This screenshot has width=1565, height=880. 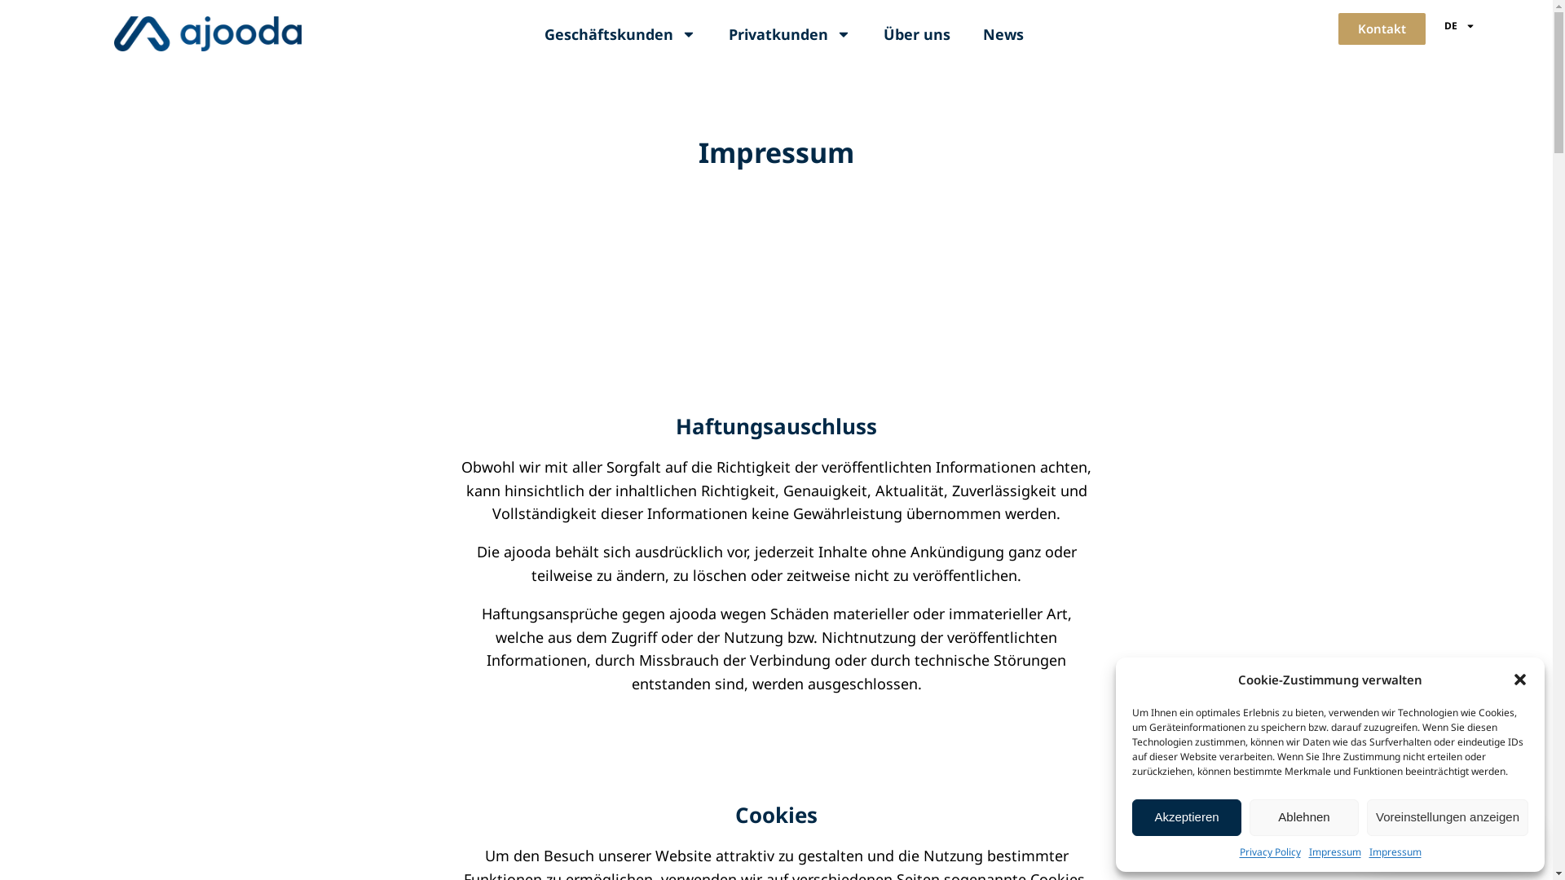 What do you see at coordinates (1381, 29) in the screenshot?
I see `'Kontakt'` at bounding box center [1381, 29].